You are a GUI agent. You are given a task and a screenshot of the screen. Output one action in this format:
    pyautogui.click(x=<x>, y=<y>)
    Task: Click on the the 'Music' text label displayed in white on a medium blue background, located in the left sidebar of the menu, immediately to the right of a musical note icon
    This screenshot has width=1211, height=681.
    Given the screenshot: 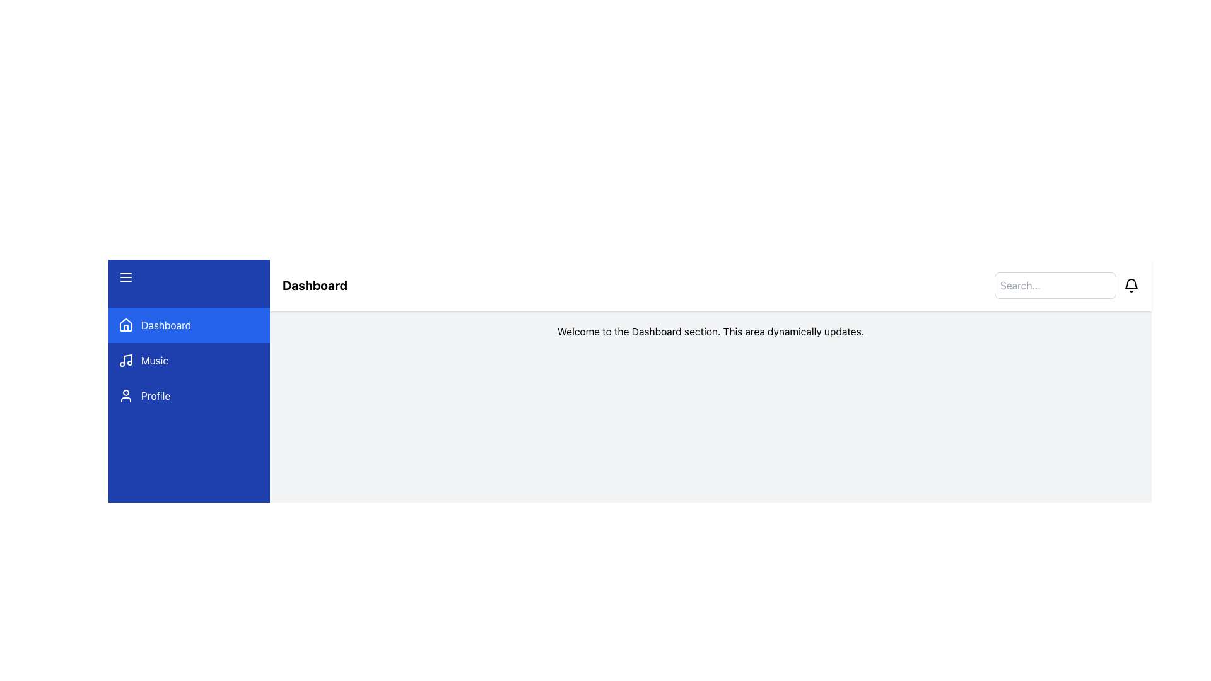 What is the action you would take?
    pyautogui.click(x=154, y=360)
    